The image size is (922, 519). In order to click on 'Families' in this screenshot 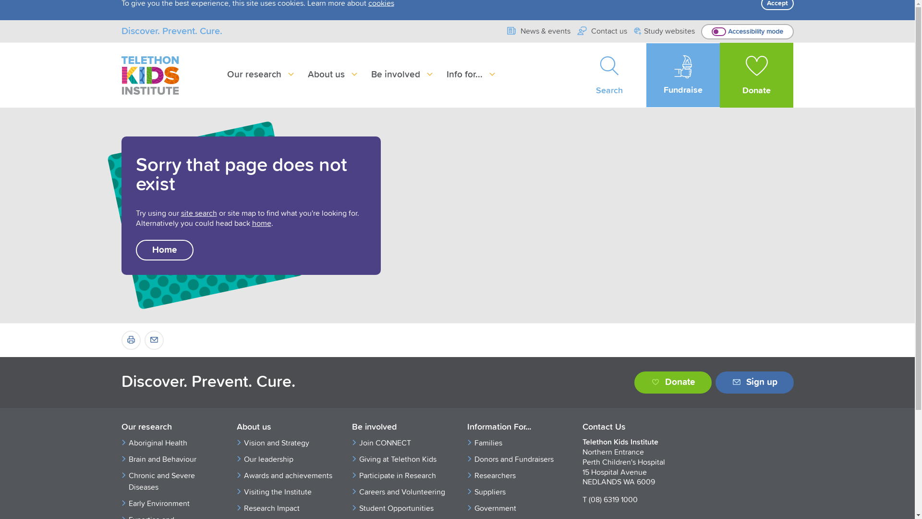, I will do `click(518, 443)`.